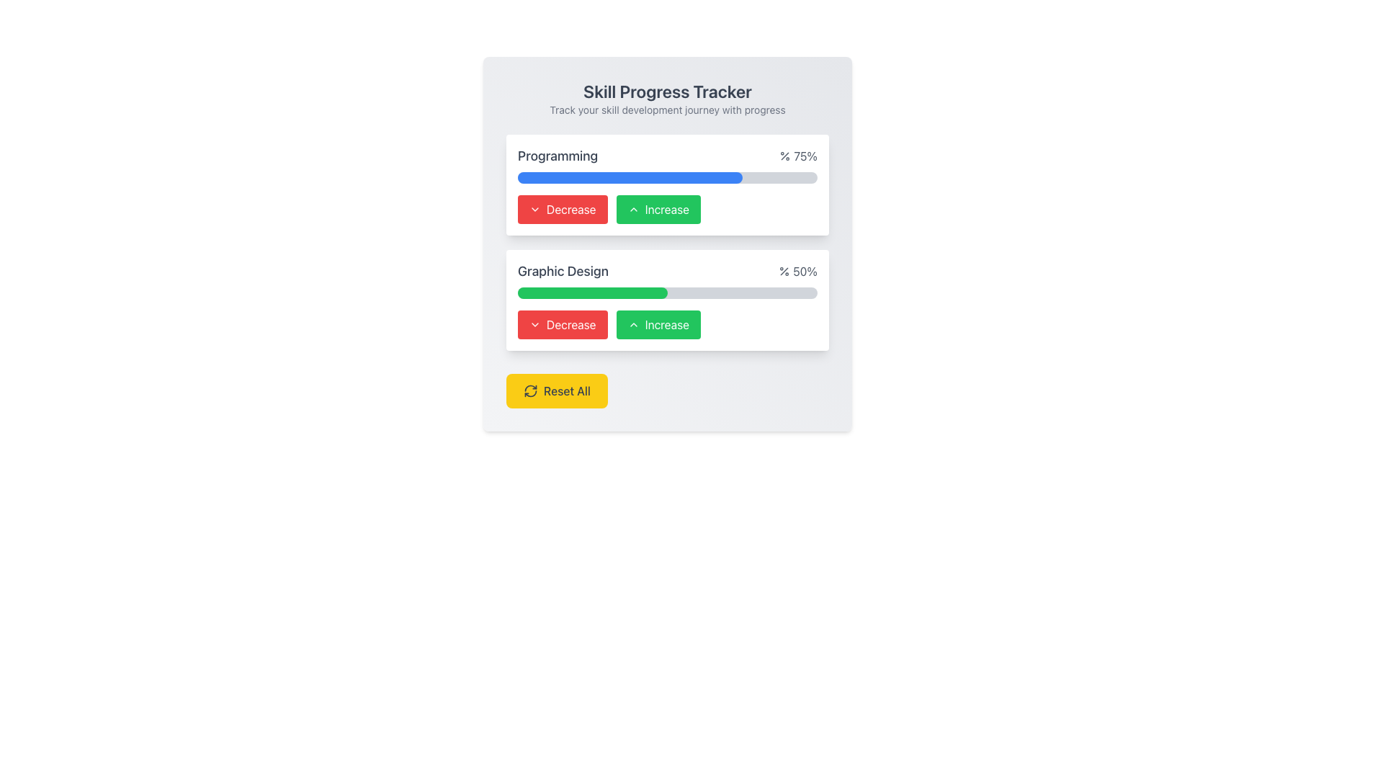 Image resolution: width=1383 pixels, height=778 pixels. What do you see at coordinates (797, 272) in the screenshot?
I see `the text display showing '50%' with a percent symbol icon, located at the top-right of the 'Graphic Design' progress bar` at bounding box center [797, 272].